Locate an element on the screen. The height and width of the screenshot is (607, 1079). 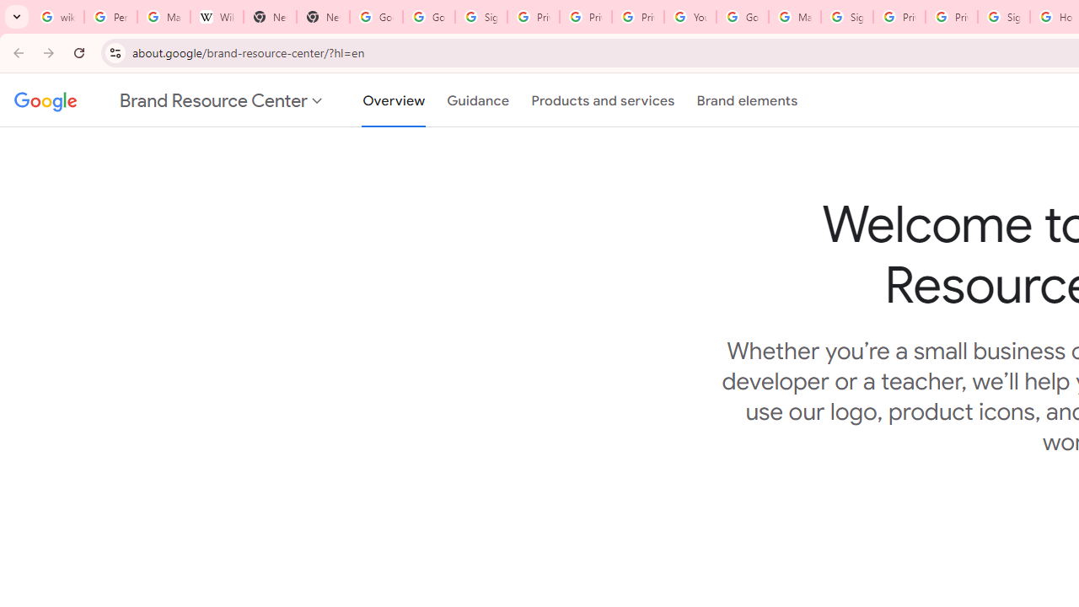
'Search tabs' is located at coordinates (17, 17).